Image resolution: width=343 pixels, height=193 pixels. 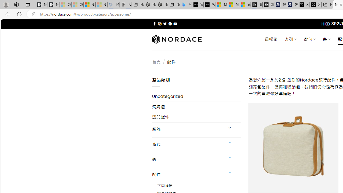 I want to click on 'Uncategorized', so click(x=196, y=96).